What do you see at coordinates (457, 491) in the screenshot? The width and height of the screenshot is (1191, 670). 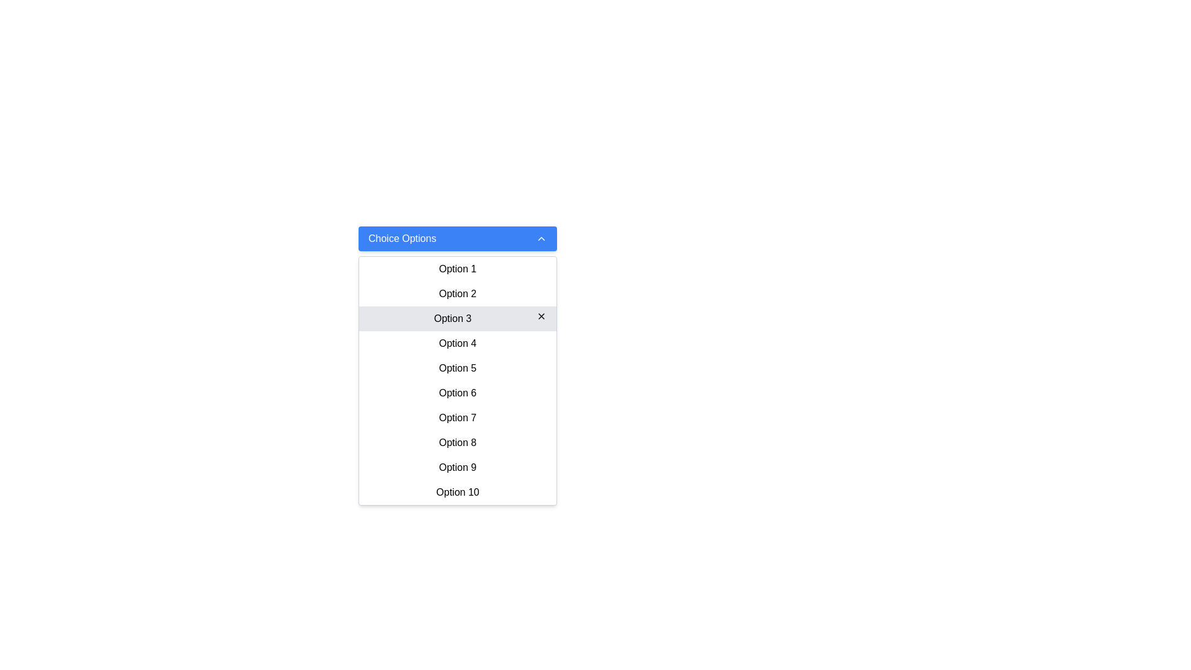 I see `to select the text item displaying 'Option 10' in the dropdown list named 'Choice Options'. This item is the last option in the list` at bounding box center [457, 491].